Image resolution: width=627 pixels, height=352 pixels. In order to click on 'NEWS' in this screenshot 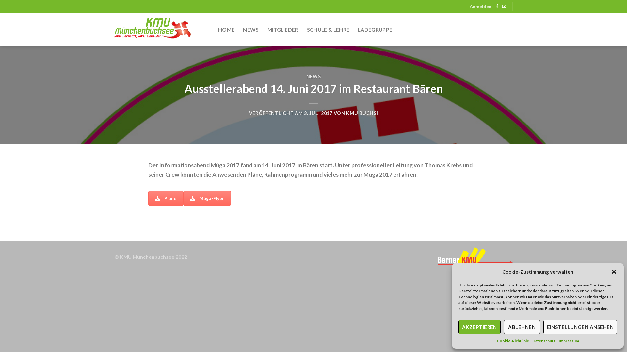, I will do `click(306, 76)`.